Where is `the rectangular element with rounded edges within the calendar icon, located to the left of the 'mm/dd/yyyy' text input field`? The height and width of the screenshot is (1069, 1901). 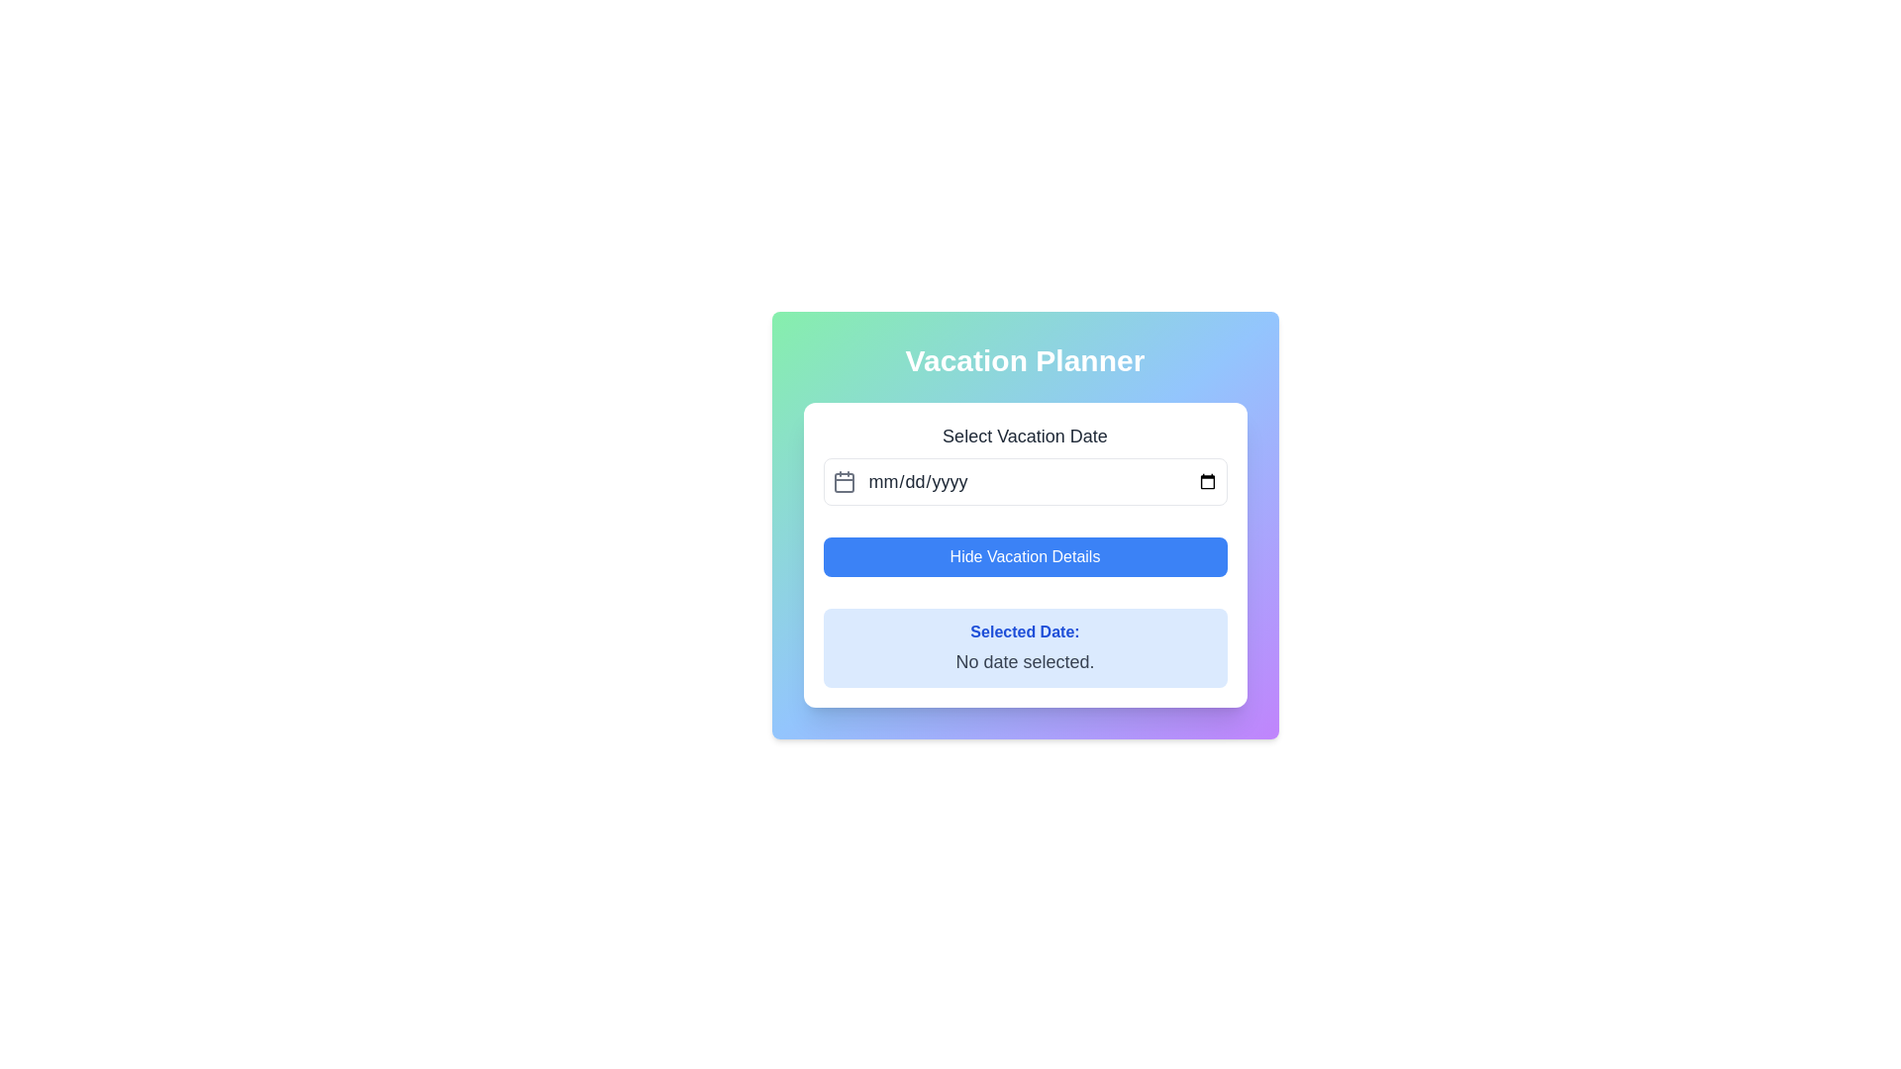
the rectangular element with rounded edges within the calendar icon, located to the left of the 'mm/dd/yyyy' text input field is located at coordinates (844, 483).